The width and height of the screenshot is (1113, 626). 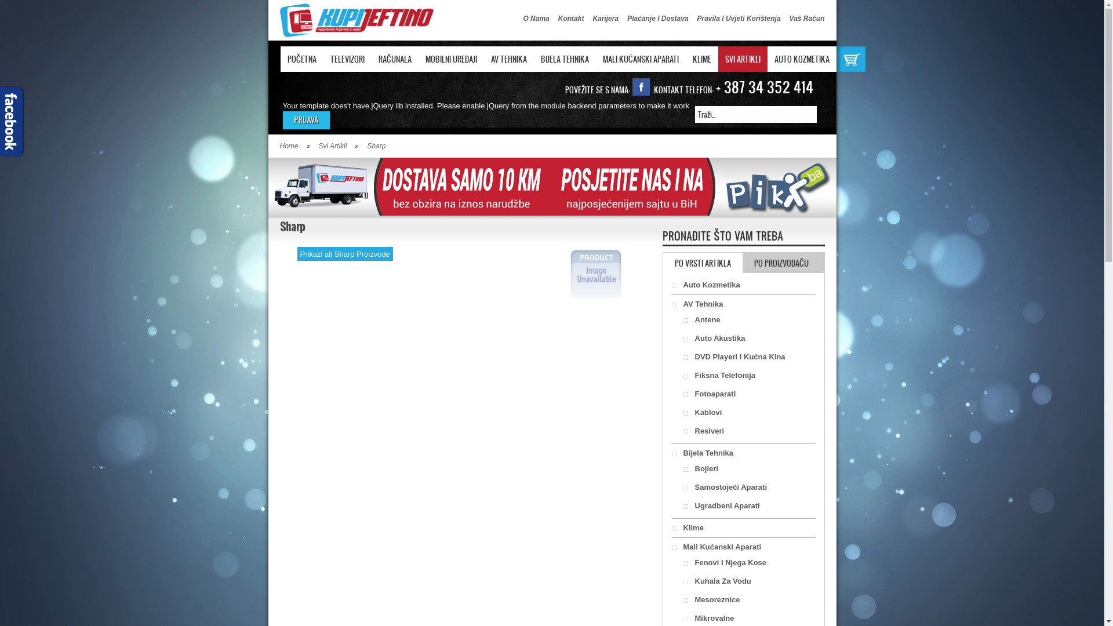 What do you see at coordinates (306, 120) in the screenshot?
I see `'LOGIN'` at bounding box center [306, 120].